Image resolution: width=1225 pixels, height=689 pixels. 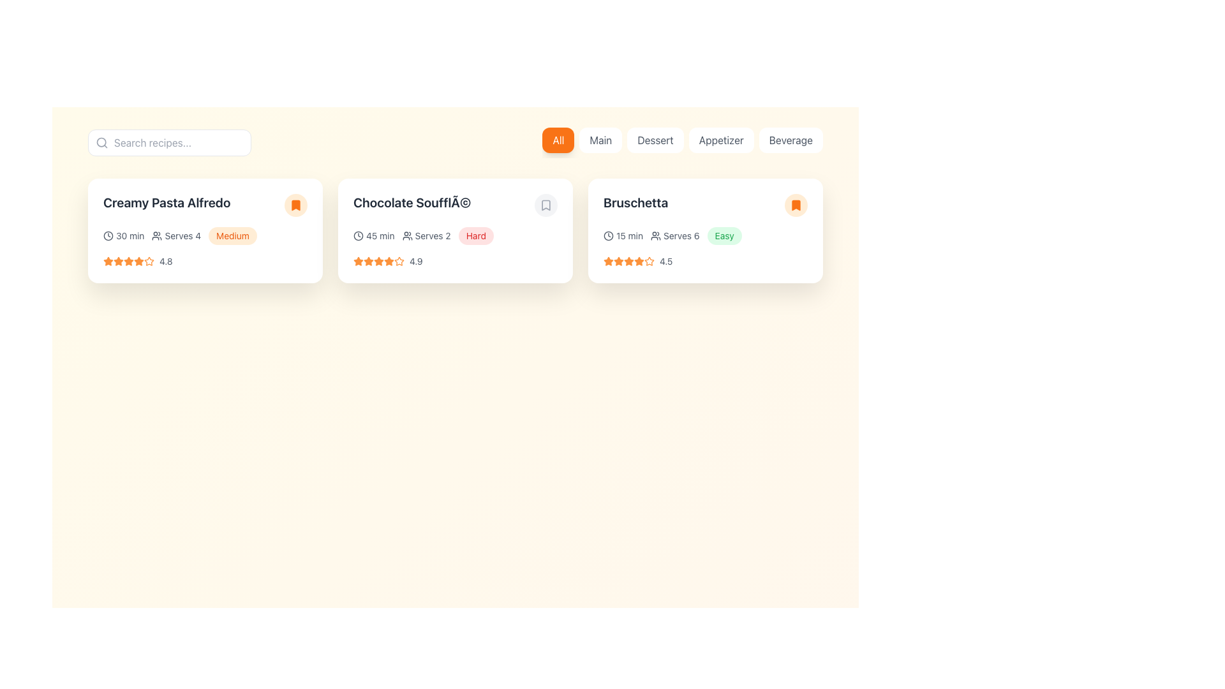 What do you see at coordinates (128, 260) in the screenshot?
I see `the third star icon in the rating system for the 'Creamy Pasta Alfredo' card, which is styled with a fill color matching the UI theme` at bounding box center [128, 260].